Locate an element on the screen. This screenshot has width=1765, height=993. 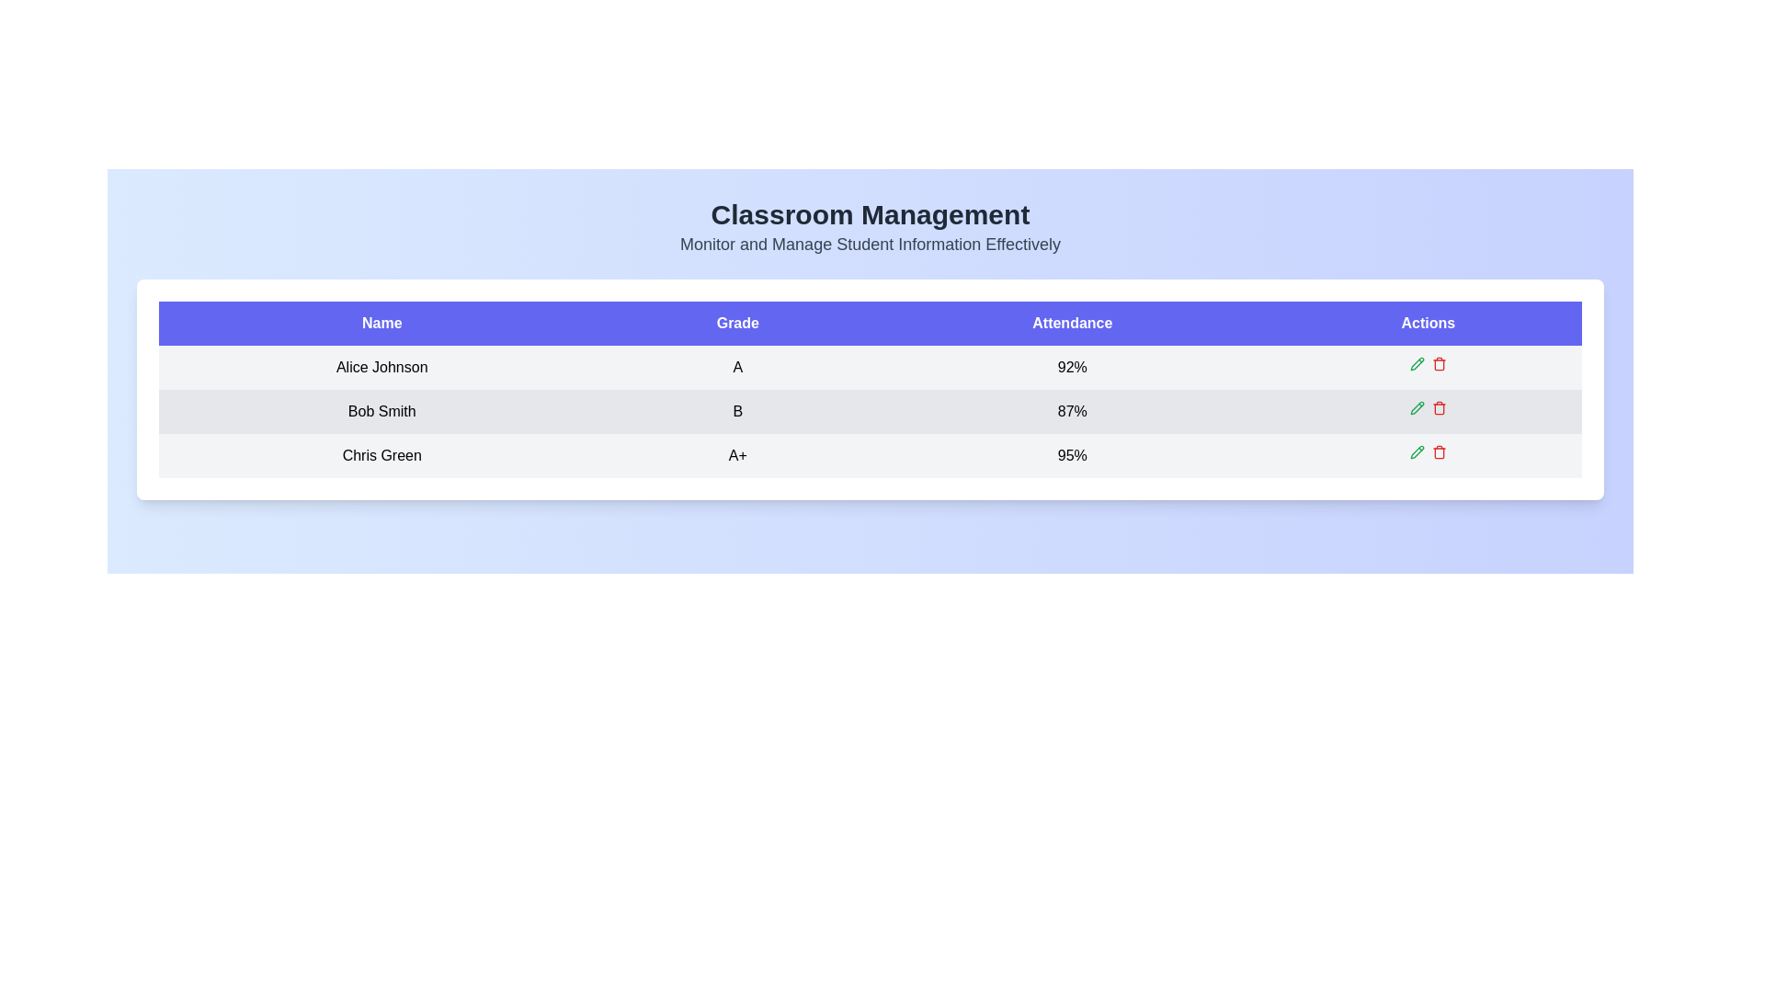
the text heading and subtitle that reads 'Classroom Management' and 'Monitor and Manage Student Information Effectively', which is centered above a table of information on a gradient background is located at coordinates (869, 226).